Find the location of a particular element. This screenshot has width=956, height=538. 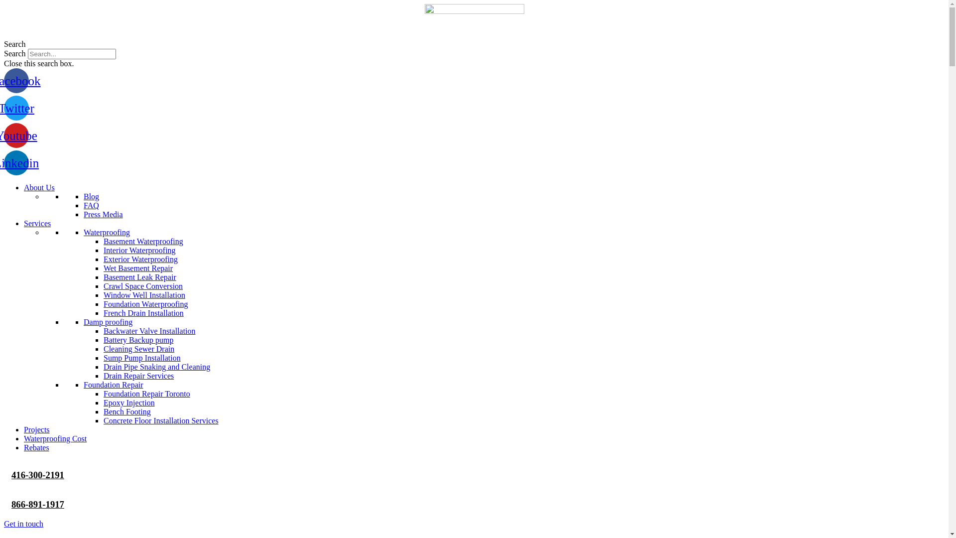

'About Us' is located at coordinates (24, 187).